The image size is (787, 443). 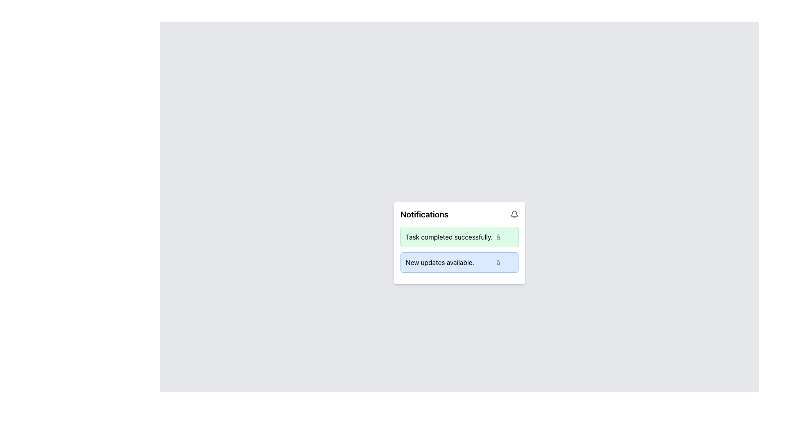 What do you see at coordinates (504, 237) in the screenshot?
I see `the dismiss button located on the right side of the notification message that says 'Task completed successfully'` at bounding box center [504, 237].